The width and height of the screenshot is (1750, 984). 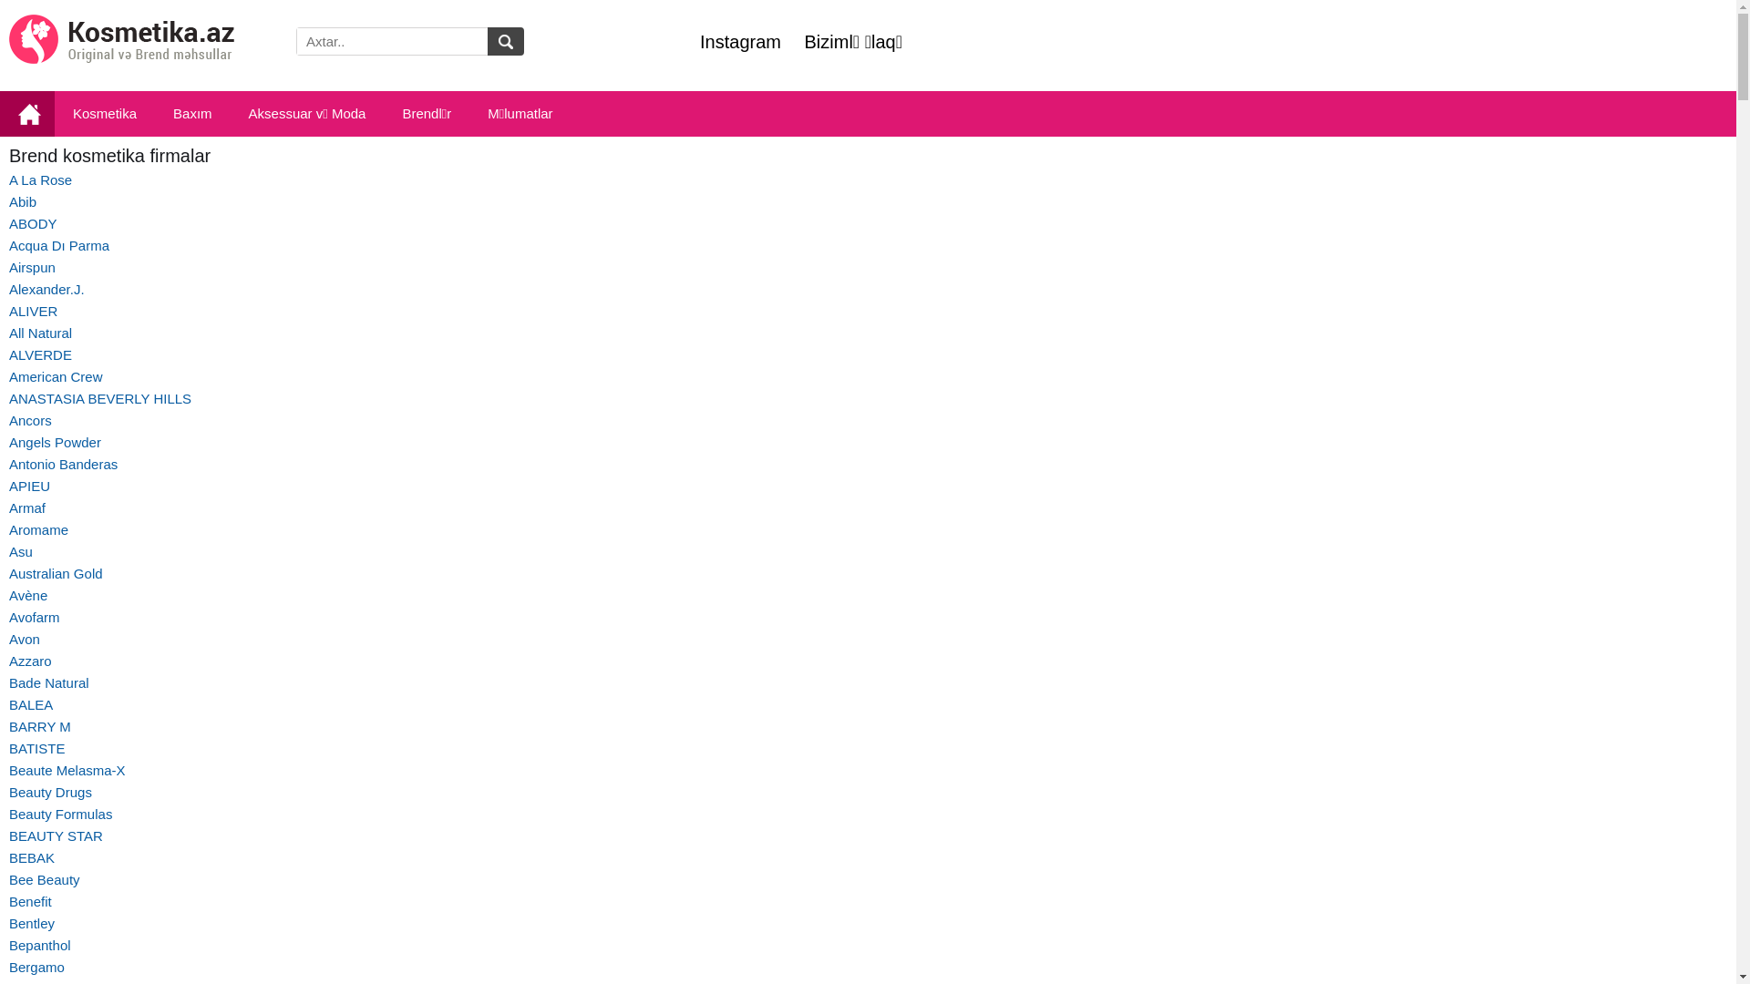 I want to click on 'ABODY', so click(x=33, y=222).